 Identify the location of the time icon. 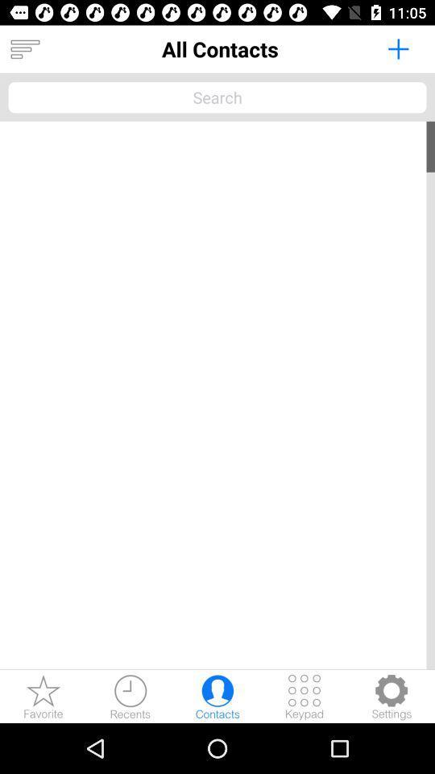
(130, 696).